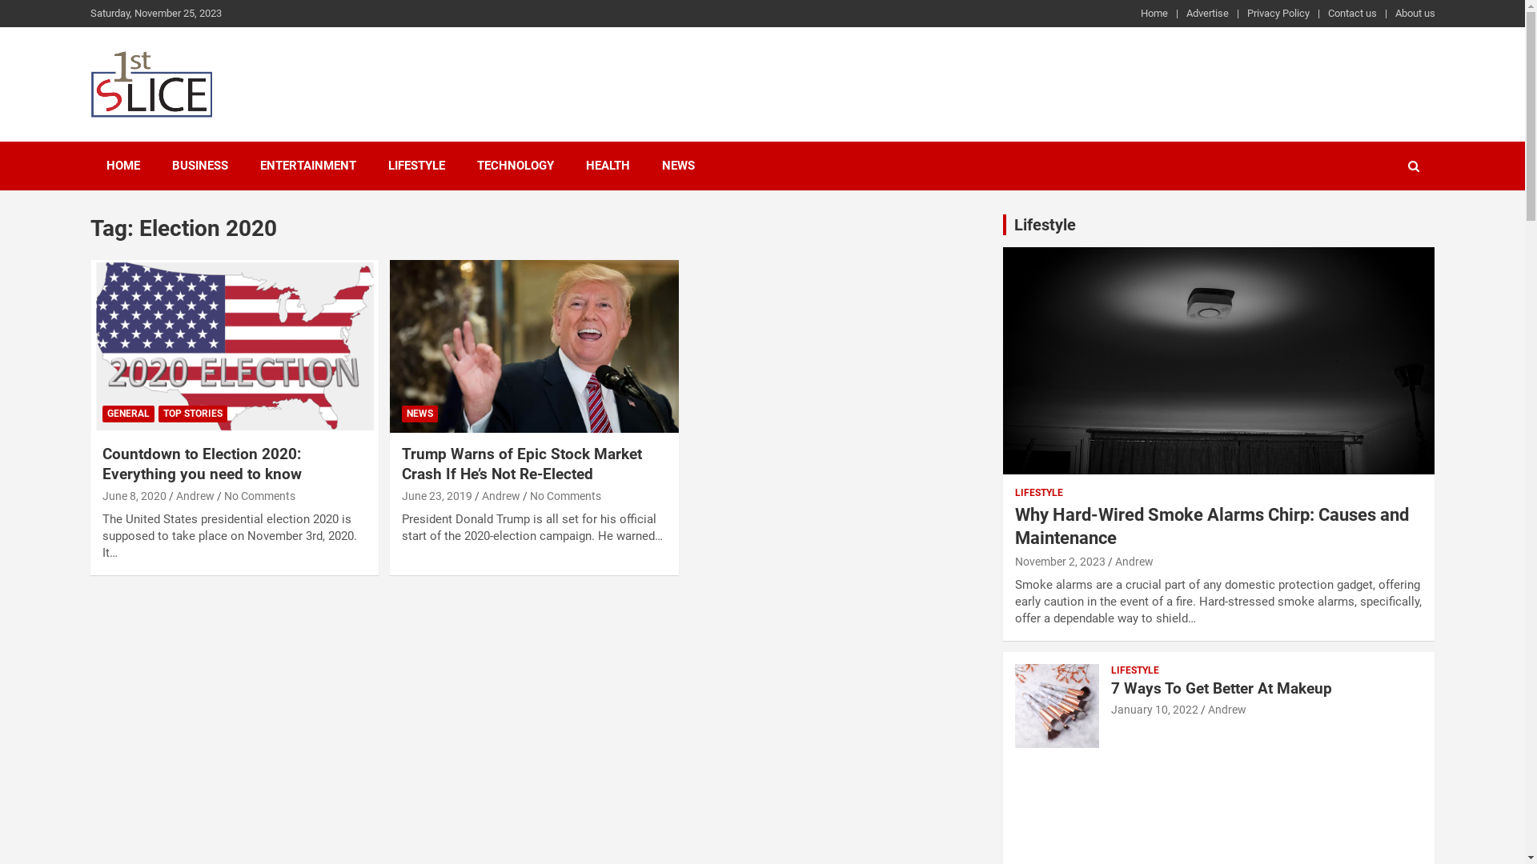 This screenshot has width=1537, height=864. Describe the element at coordinates (565, 495) in the screenshot. I see `'No Comments'` at that location.